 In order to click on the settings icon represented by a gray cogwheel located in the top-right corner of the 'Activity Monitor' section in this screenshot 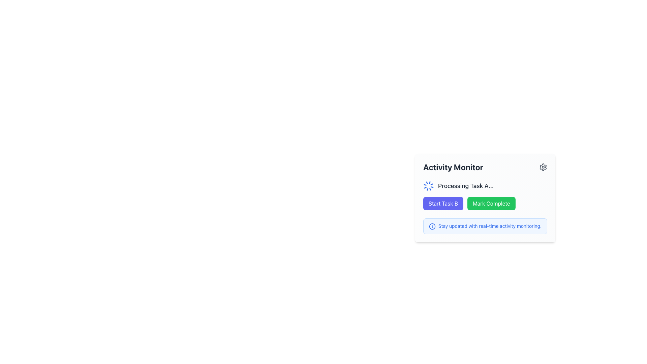, I will do `click(543, 167)`.